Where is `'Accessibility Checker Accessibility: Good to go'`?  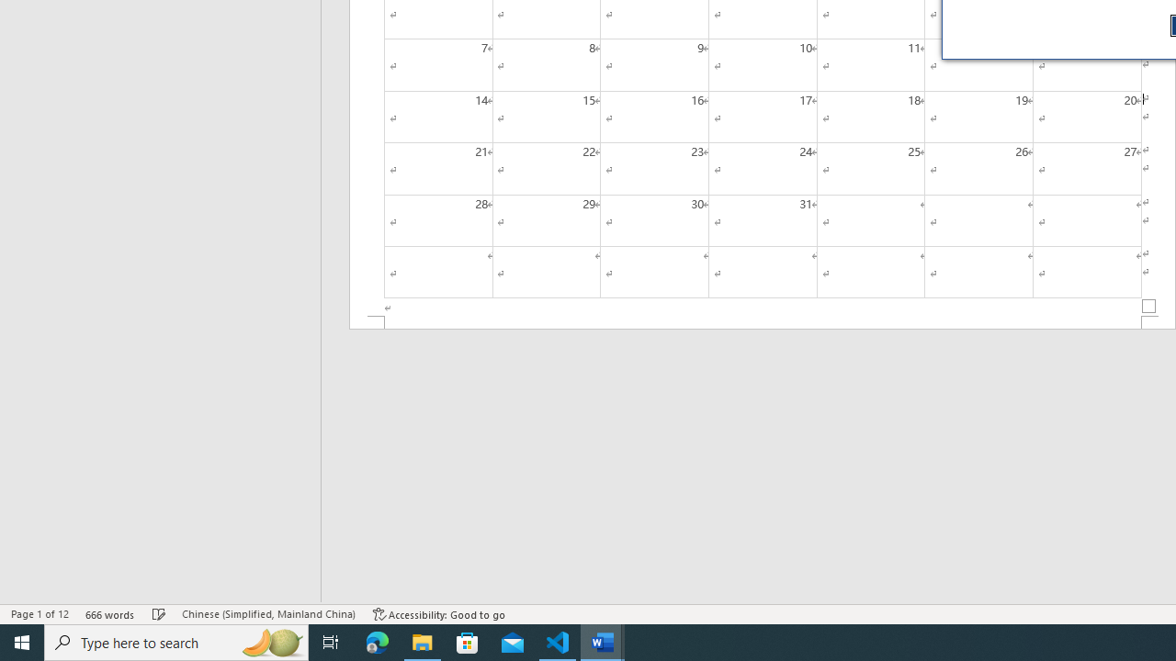
'Accessibility Checker Accessibility: Good to go' is located at coordinates (438, 614).